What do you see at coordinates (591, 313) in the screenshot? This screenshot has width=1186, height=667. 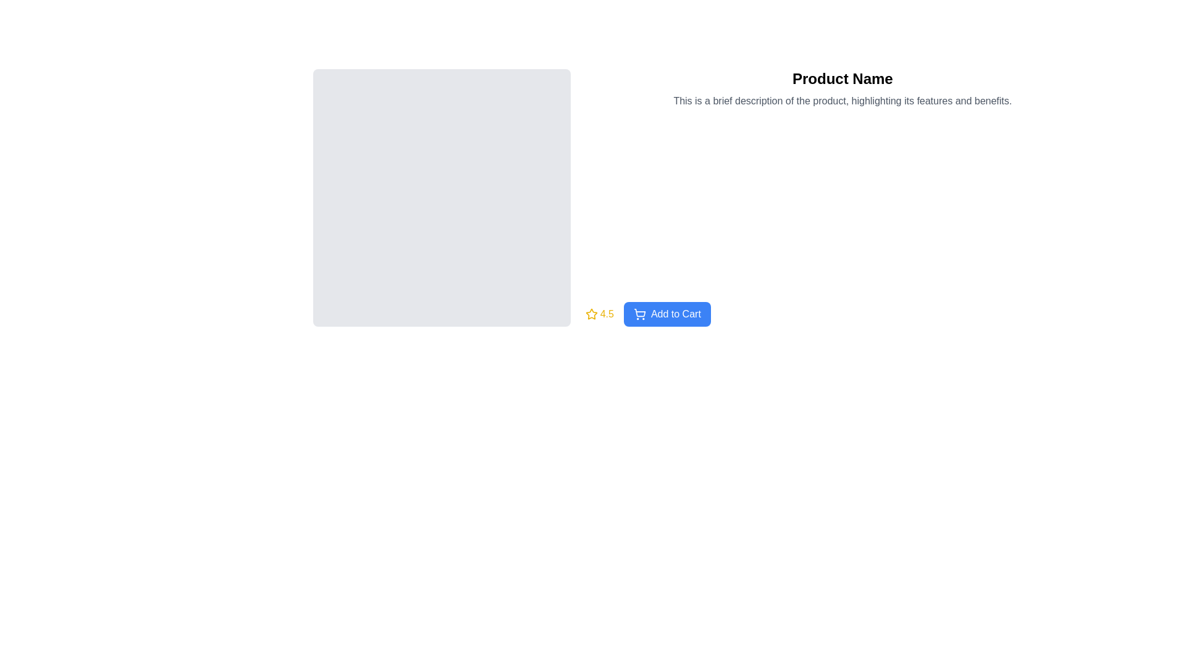 I see `the star icon representing a rating system, located before the text '4.5'` at bounding box center [591, 313].